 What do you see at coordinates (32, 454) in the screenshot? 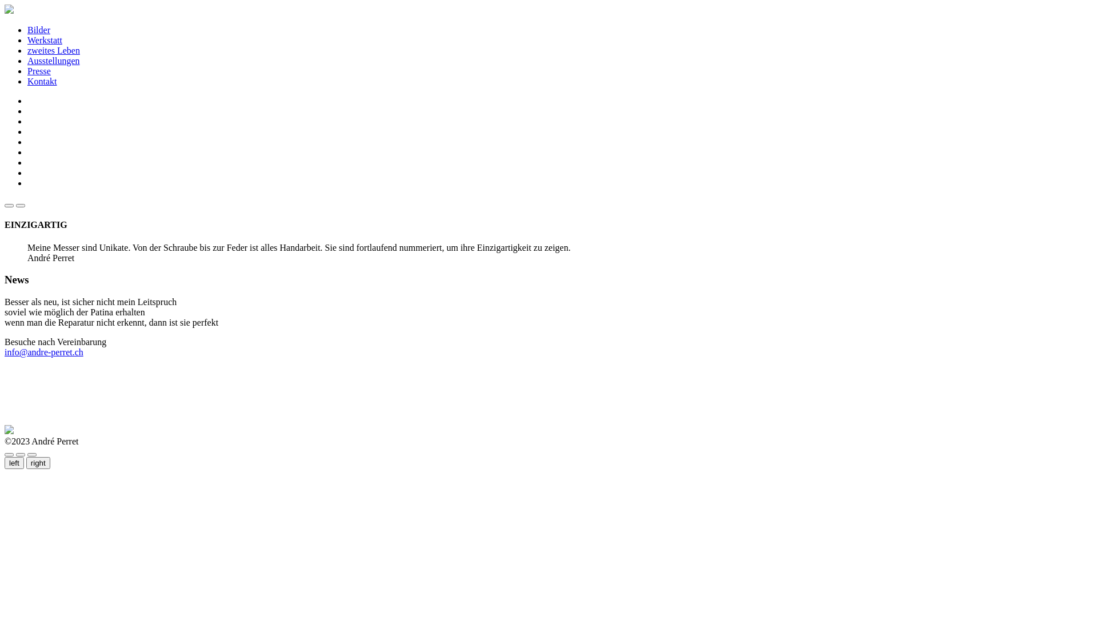
I see `'Zoom in/out'` at bounding box center [32, 454].